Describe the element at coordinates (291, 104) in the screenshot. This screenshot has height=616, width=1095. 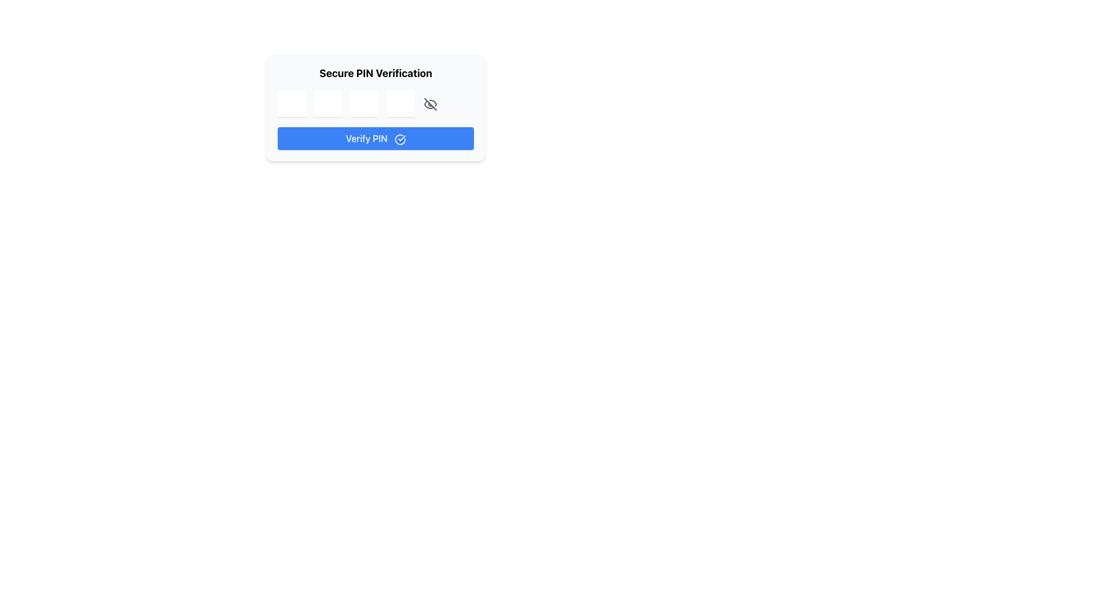
I see `the first input field for entering a character of the secure PIN code located below 'Secure PIN Verification'` at that location.